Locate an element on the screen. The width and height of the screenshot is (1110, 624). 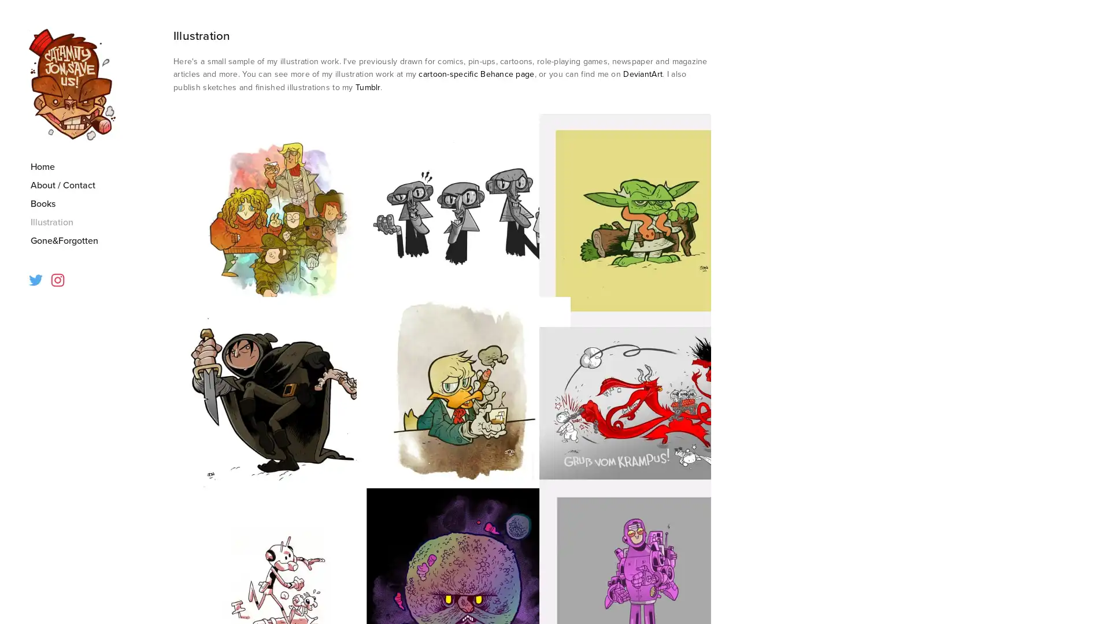
View fullsize illos03.jpg is located at coordinates (624, 198).